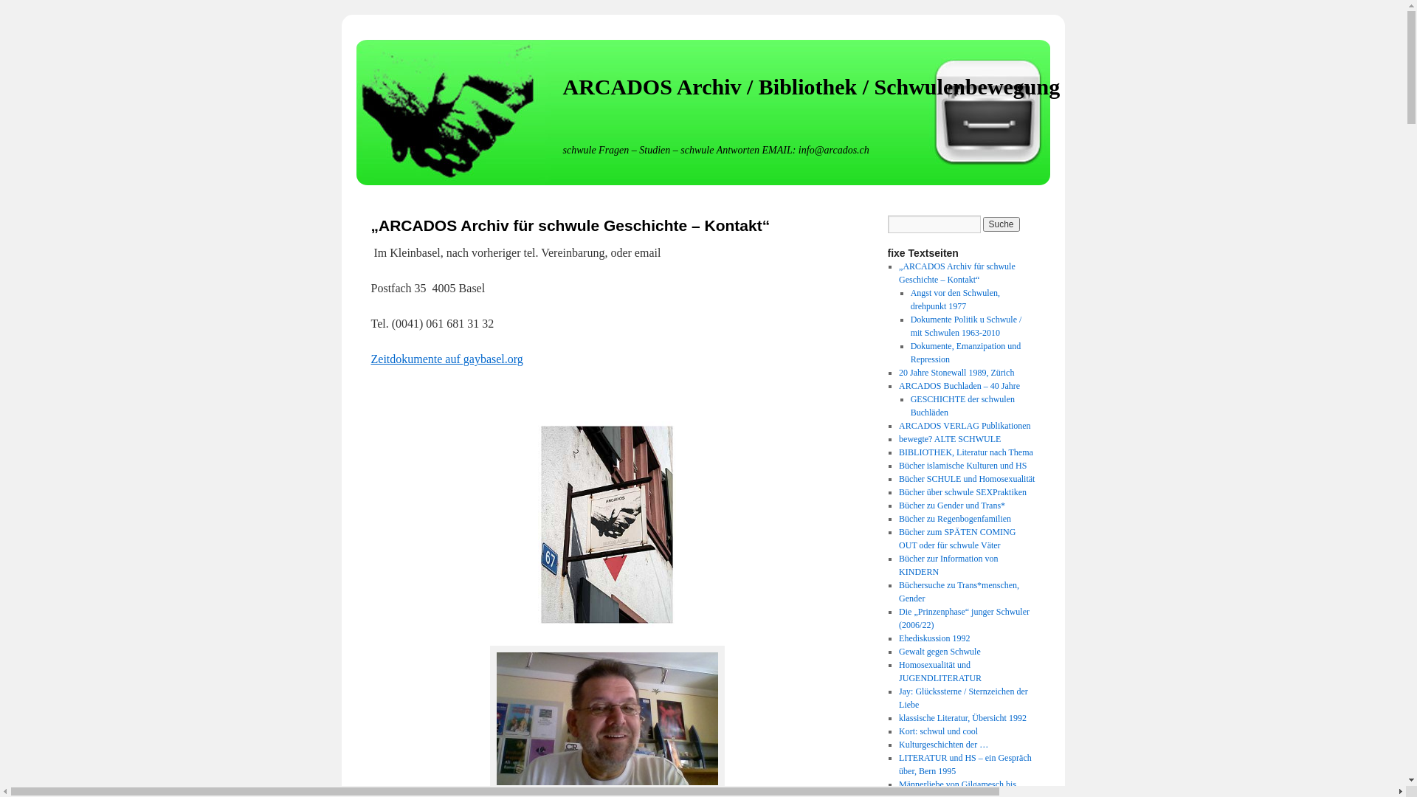  Describe the element at coordinates (445, 359) in the screenshot. I see `'Zeitdokumente auf gaybasel.org'` at that location.